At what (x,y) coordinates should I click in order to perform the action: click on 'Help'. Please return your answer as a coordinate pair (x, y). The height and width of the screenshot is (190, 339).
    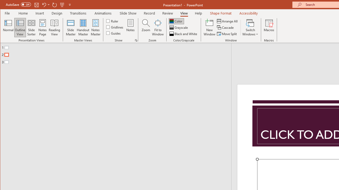
    Looking at the image, I should click on (198, 13).